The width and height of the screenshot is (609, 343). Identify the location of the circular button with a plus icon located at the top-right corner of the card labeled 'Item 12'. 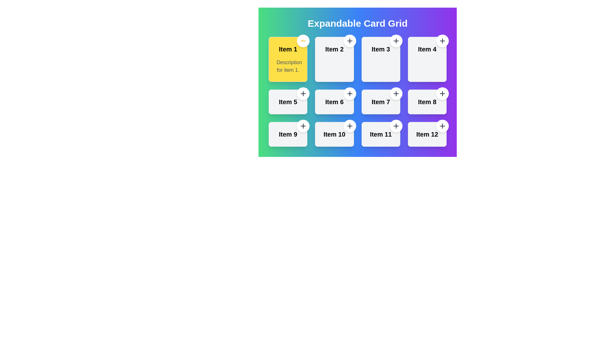
(442, 126).